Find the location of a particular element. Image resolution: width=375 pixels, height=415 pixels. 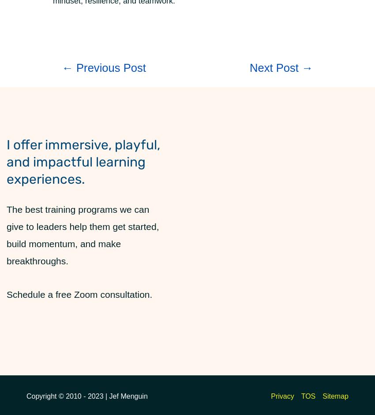

'Jef Menguin' is located at coordinates (109, 396).